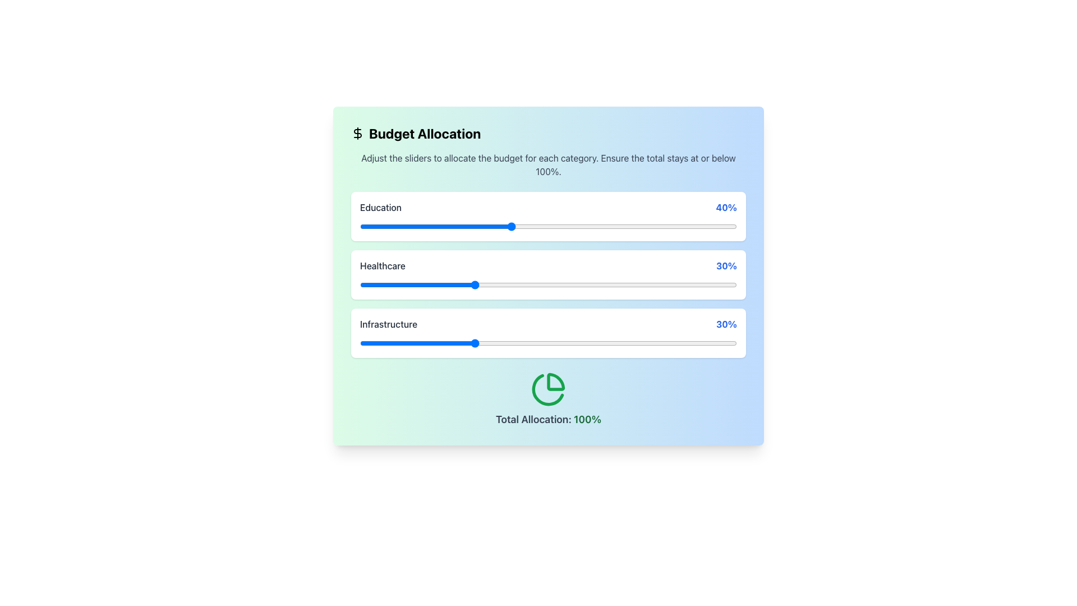 The height and width of the screenshot is (606, 1077). What do you see at coordinates (639, 343) in the screenshot?
I see `the infrastructure budget slider` at bounding box center [639, 343].